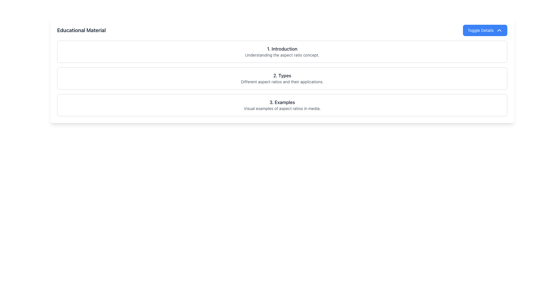 The width and height of the screenshot is (546, 307). I want to click on the text element displaying 'Different aspect ratios and their applications.' to check for tooltips, so click(282, 82).